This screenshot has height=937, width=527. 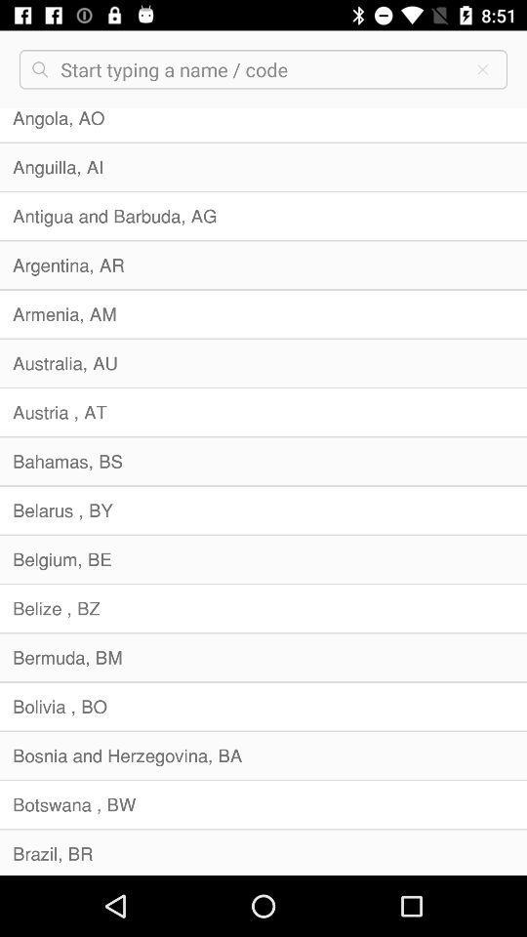 I want to click on erase search bar text, so click(x=481, y=69).